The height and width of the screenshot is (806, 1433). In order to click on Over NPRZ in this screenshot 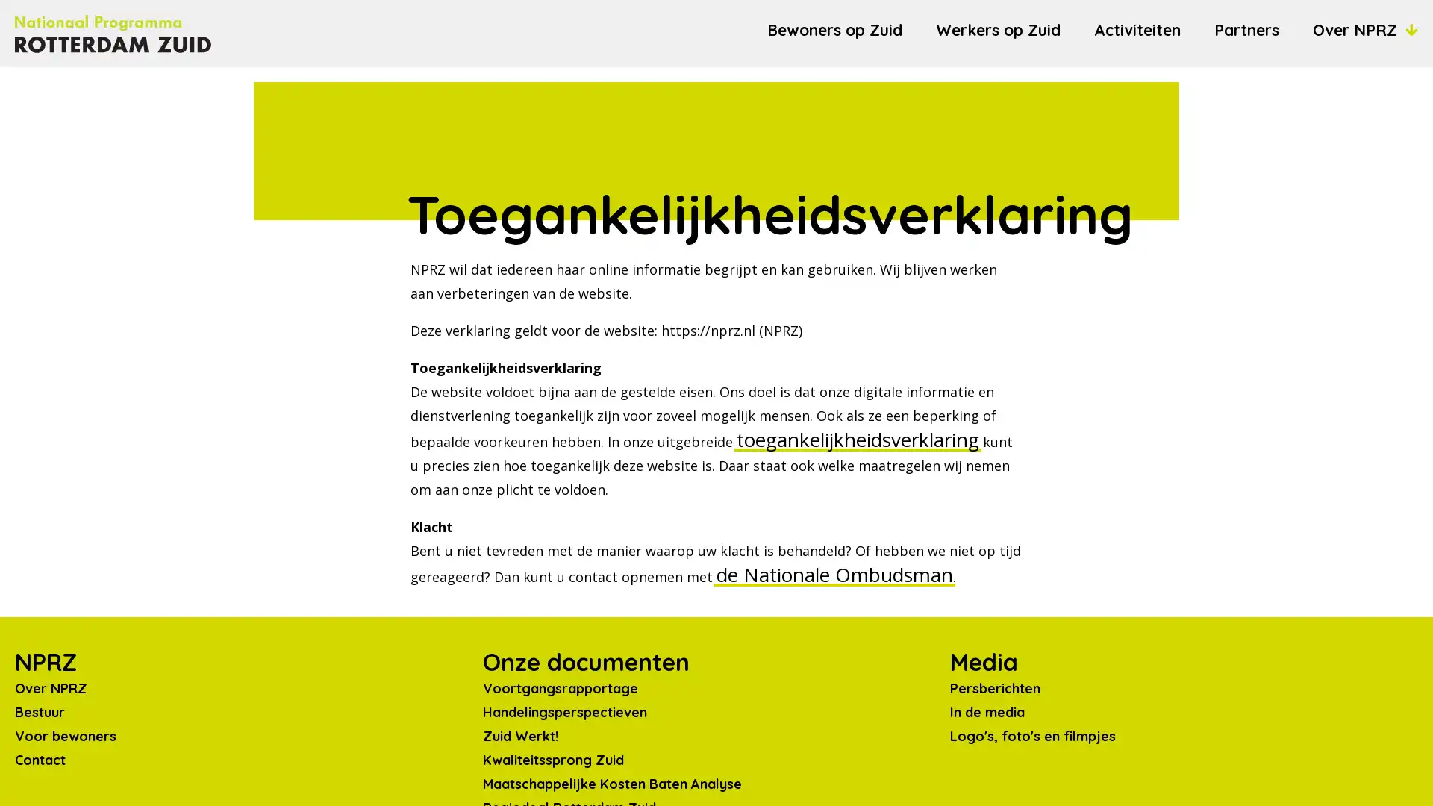, I will do `click(1365, 29)`.